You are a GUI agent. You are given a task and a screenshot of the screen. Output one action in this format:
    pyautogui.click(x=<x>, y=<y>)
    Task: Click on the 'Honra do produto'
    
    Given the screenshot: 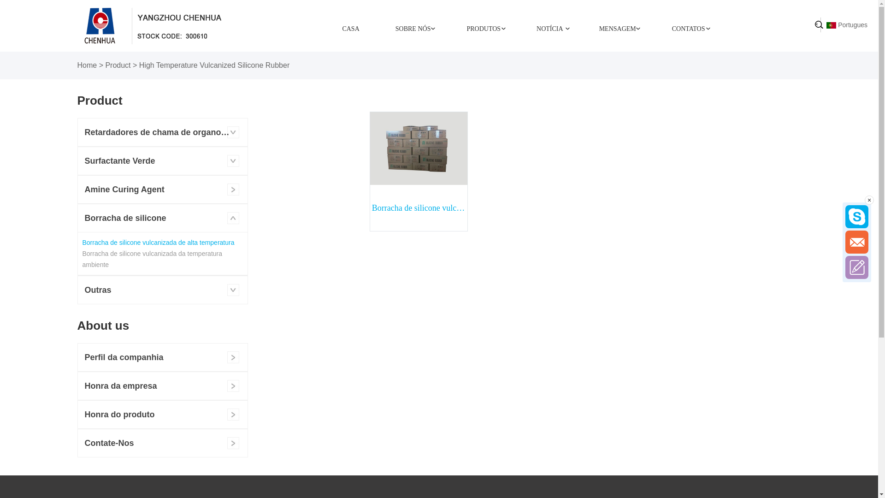 What is the action you would take?
    pyautogui.click(x=162, y=414)
    